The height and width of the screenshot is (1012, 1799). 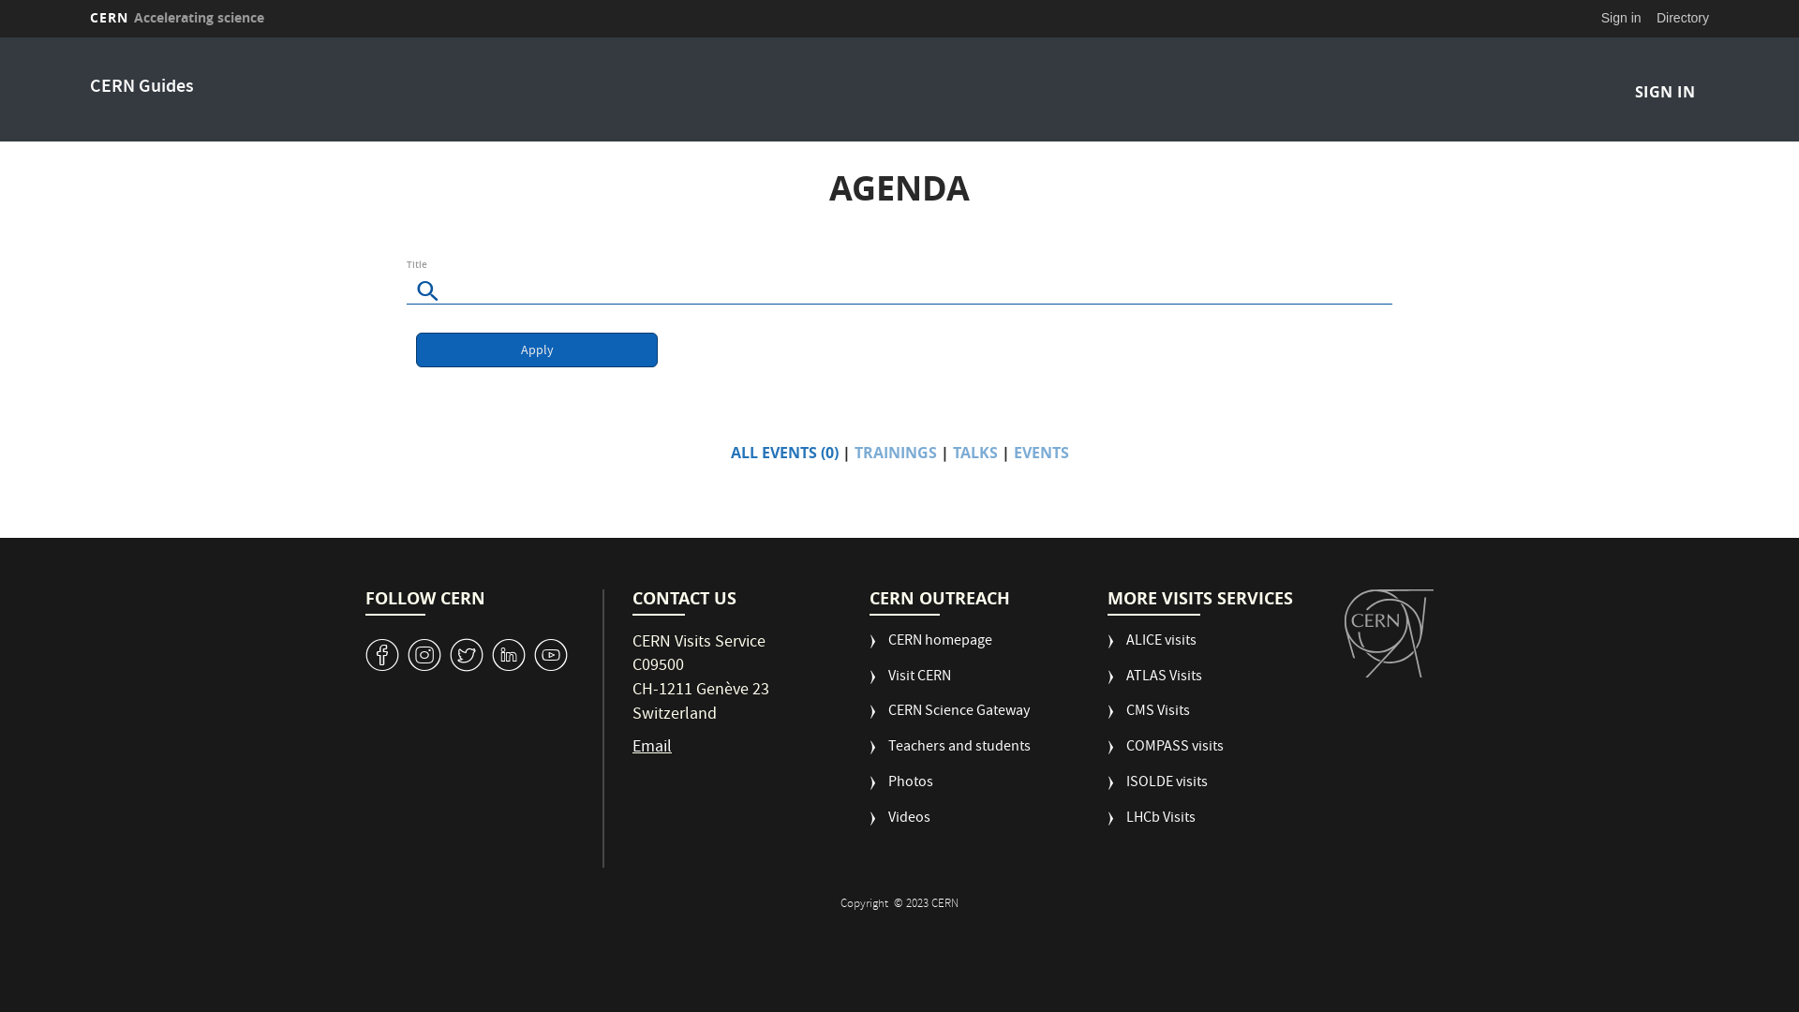 I want to click on 'CERN Accelerating science', so click(x=176, y=18).